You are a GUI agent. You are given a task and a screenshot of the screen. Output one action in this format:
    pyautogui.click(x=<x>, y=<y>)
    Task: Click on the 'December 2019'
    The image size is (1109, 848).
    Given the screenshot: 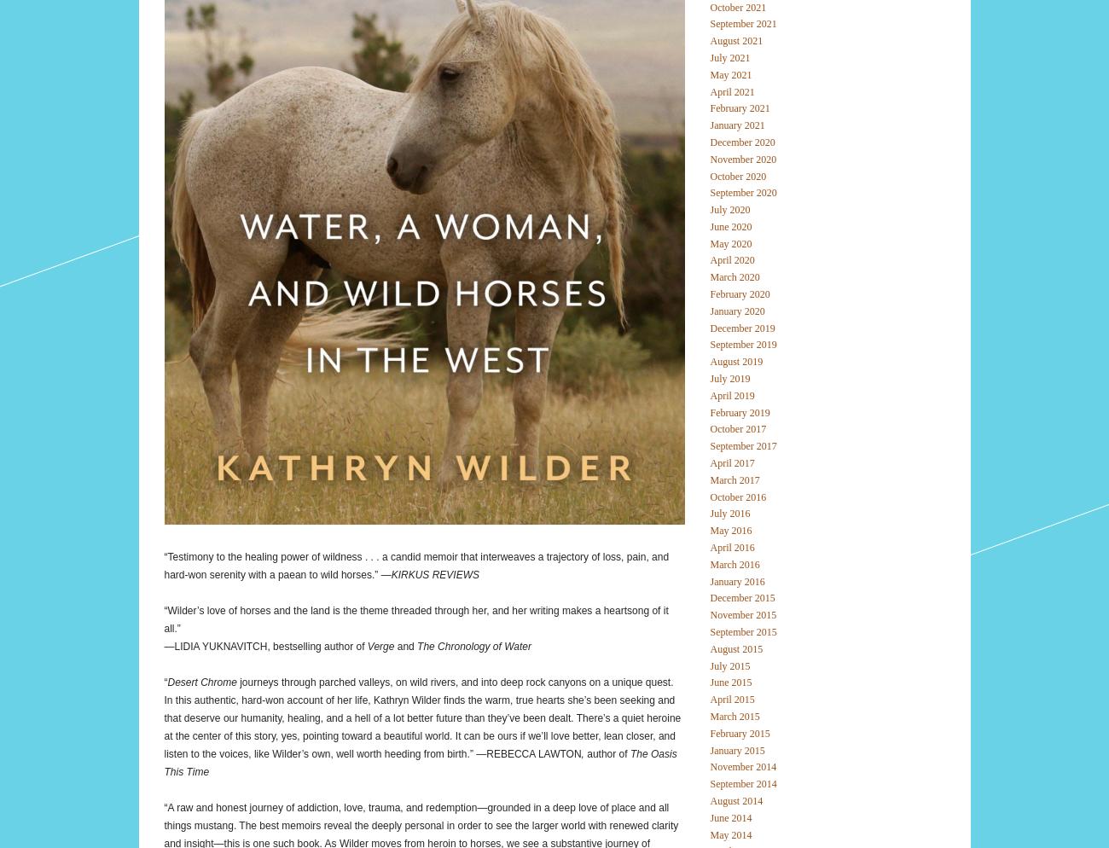 What is the action you would take?
    pyautogui.click(x=740, y=327)
    